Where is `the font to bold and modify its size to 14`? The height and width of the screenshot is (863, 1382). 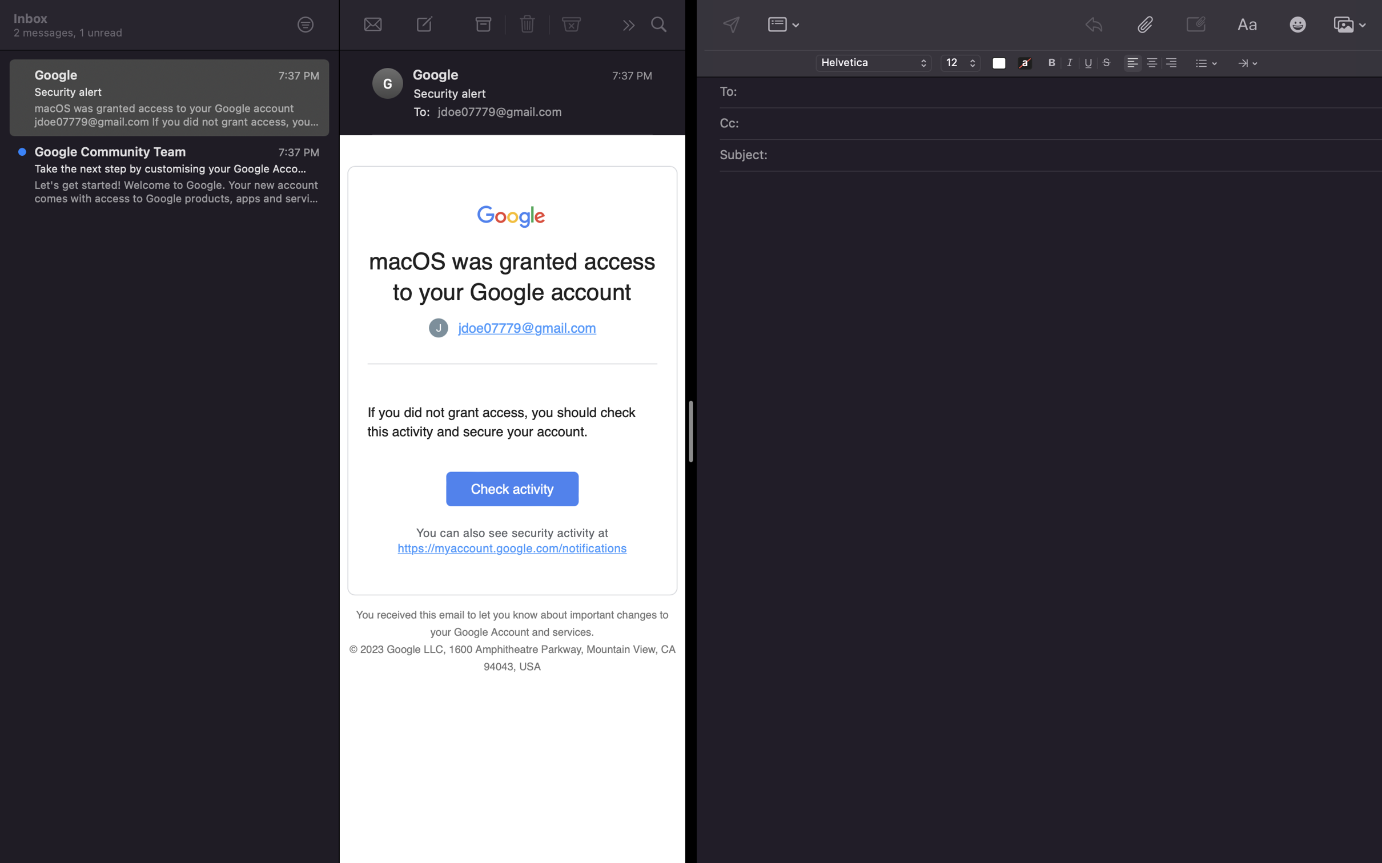 the font to bold and modify its size to 14 is located at coordinates (1052, 62).